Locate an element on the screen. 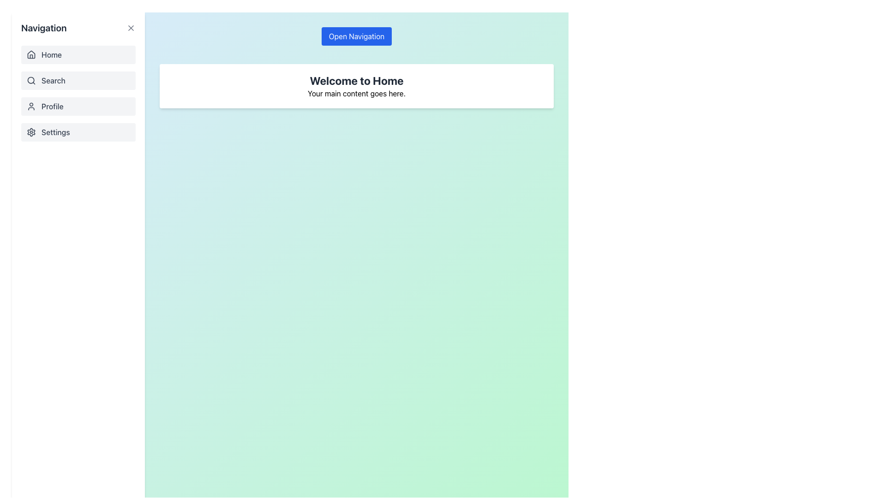 The width and height of the screenshot is (886, 498). the icon located in the sidebar navigation area near the top-right corner, to the right of the 'Navigation' text is located at coordinates (130, 28).